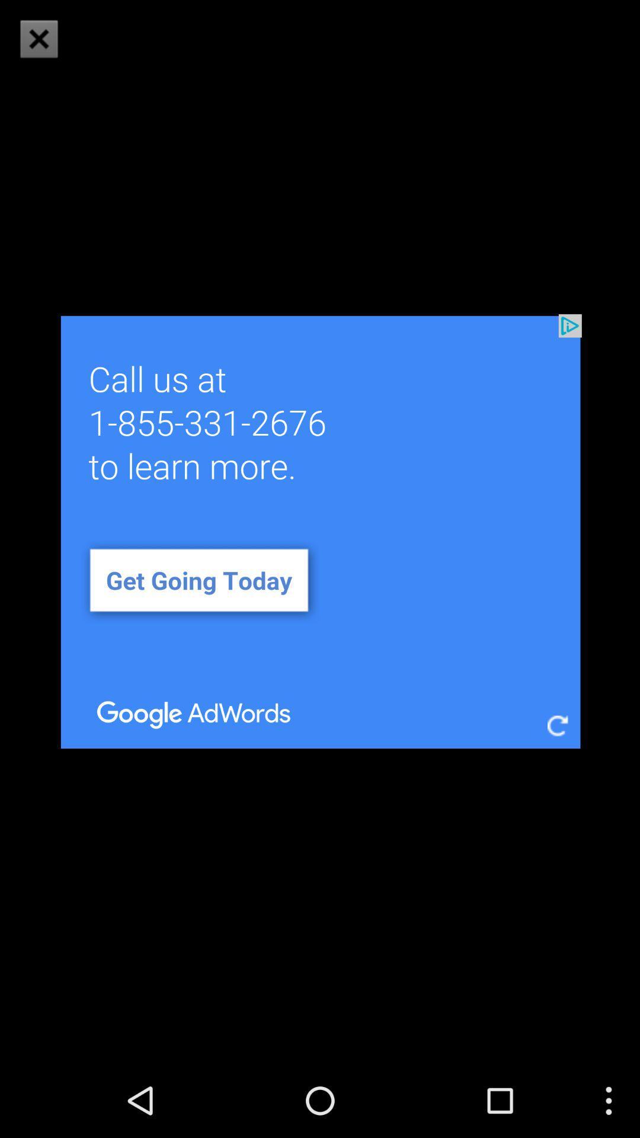 The image size is (640, 1138). Describe the element at coordinates (38, 41) in the screenshot. I see `the close icon` at that location.